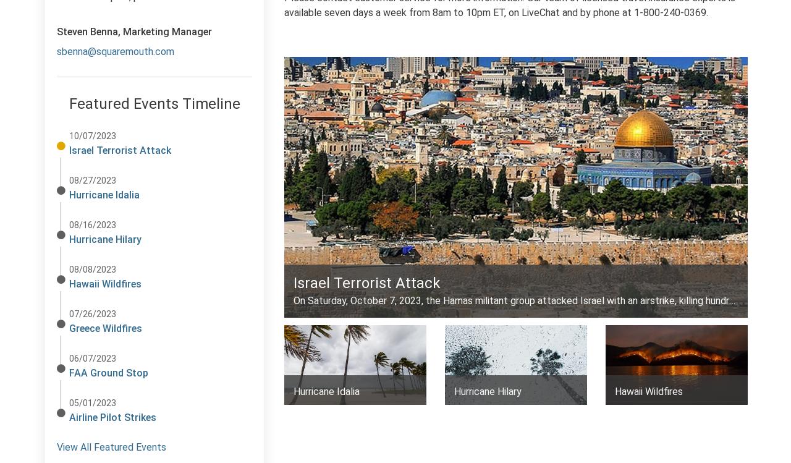 This screenshot has width=791, height=463. I want to click on 'Featured Events Timeline', so click(153, 103).